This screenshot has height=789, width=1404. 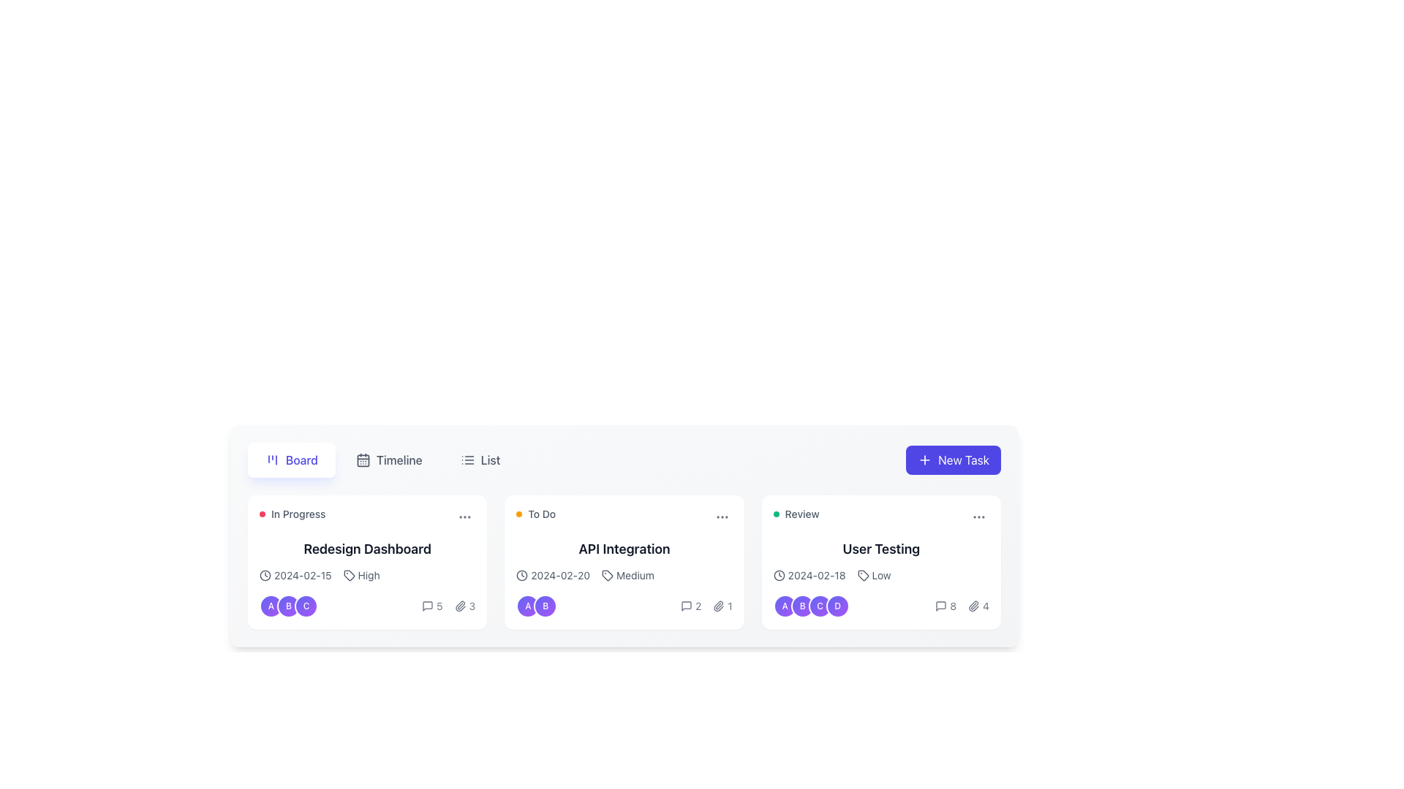 What do you see at coordinates (302, 574) in the screenshot?
I see `the text label displaying the specific date related to the task in the bottom-left section of the 'Redesign Dashboard' card, adjacent to the clock icon` at bounding box center [302, 574].